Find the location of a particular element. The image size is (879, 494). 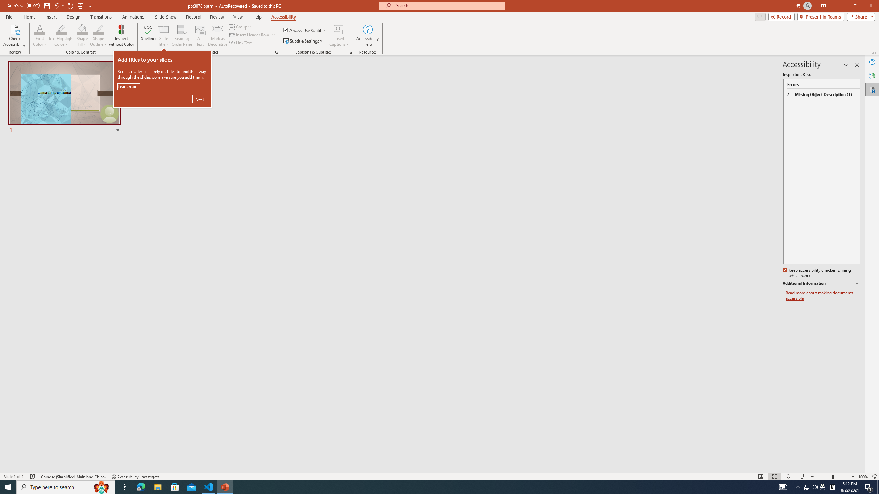

'Next' is located at coordinates (200, 98).